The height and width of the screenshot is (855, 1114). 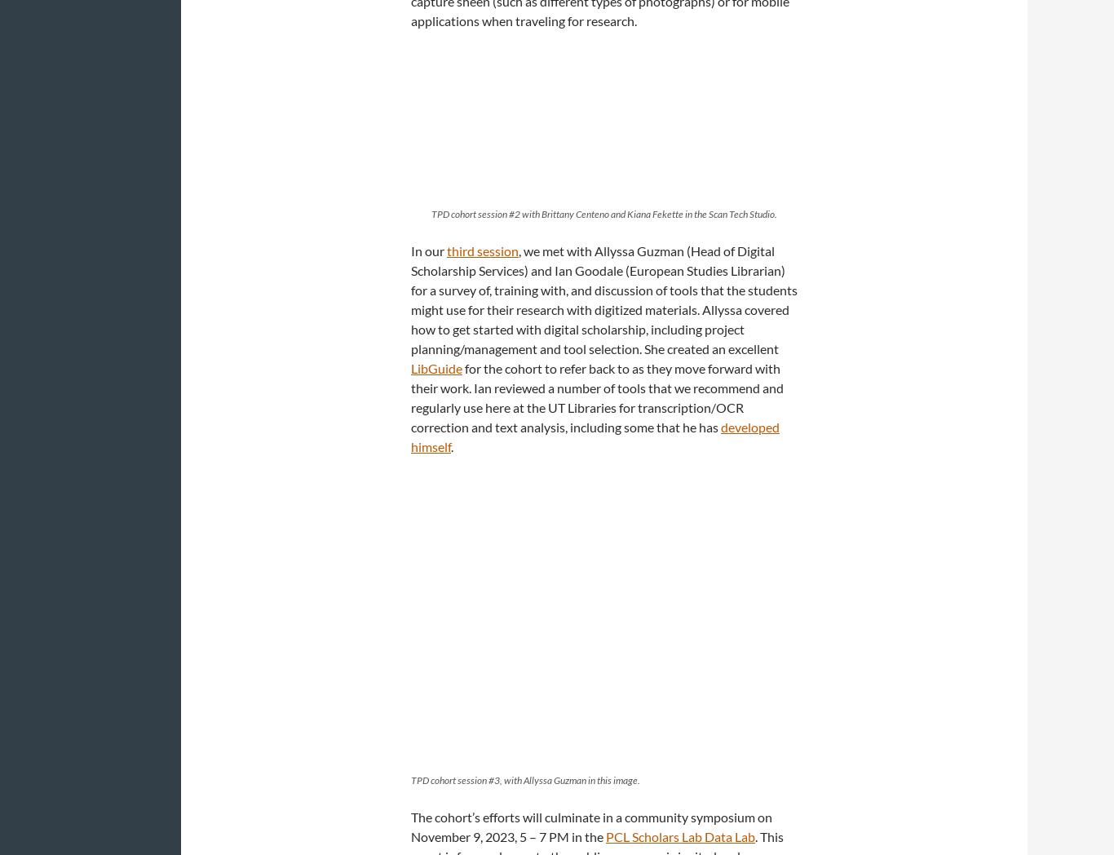 I want to click on 'for the cohort to refer back to as they move forward with their work. Ian reviewed a number of tools that we recommend and regularly use here at the UT Libraries for transcription/OCR correction and text analysis, including some that he has', so click(x=597, y=396).